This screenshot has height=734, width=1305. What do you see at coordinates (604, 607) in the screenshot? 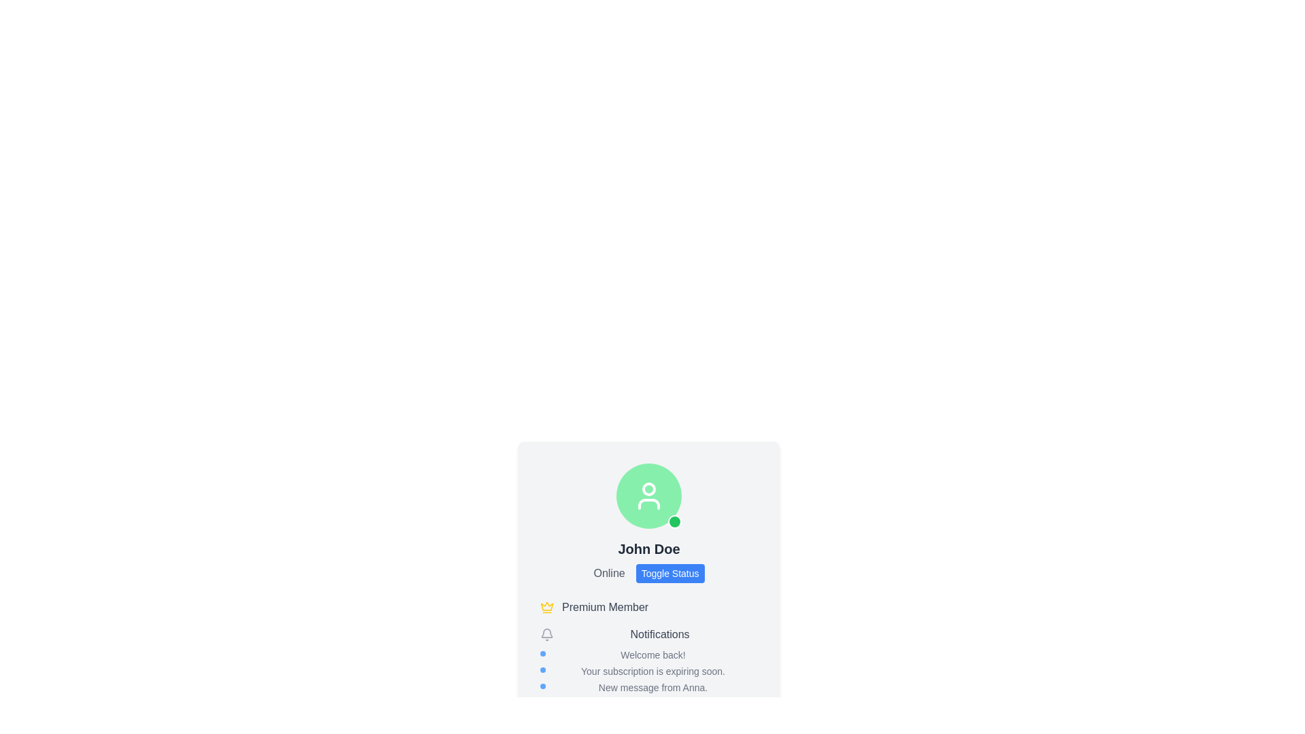
I see `text label indicating the membership tier, which states 'Premium Member', located to the right of the crown icon and below the 'John Doe' profile information section` at bounding box center [604, 607].